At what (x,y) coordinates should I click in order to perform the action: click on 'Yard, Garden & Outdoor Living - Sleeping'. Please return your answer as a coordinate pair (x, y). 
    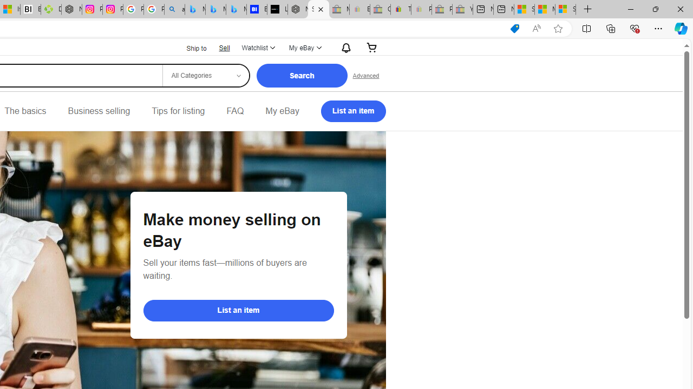
    Looking at the image, I should click on (462, 9).